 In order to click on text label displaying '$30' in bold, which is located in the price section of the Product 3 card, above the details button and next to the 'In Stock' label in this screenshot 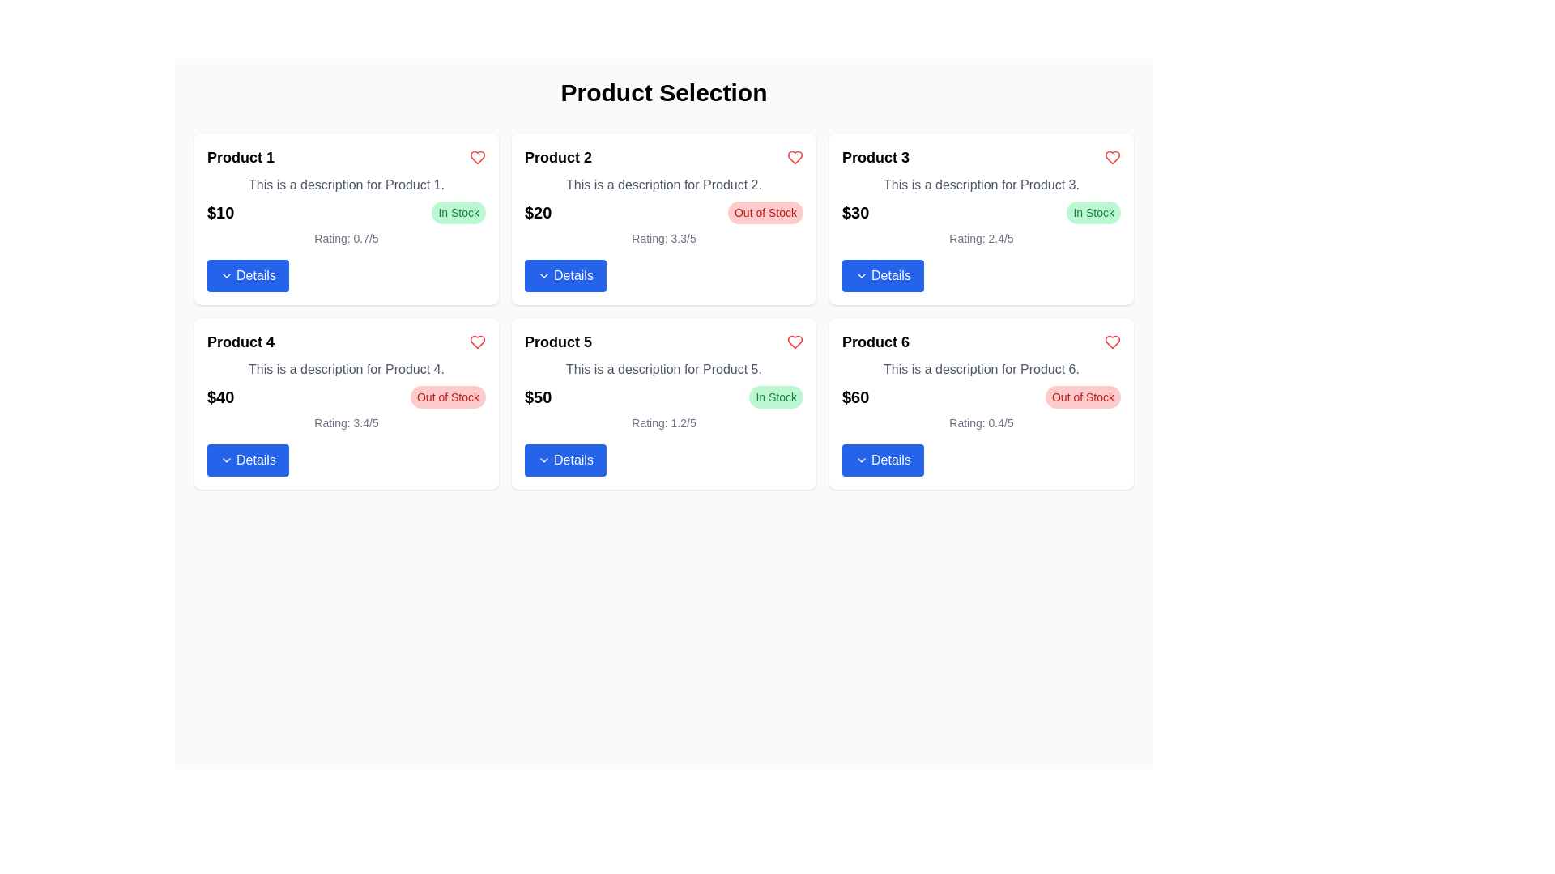, I will do `click(854, 211)`.